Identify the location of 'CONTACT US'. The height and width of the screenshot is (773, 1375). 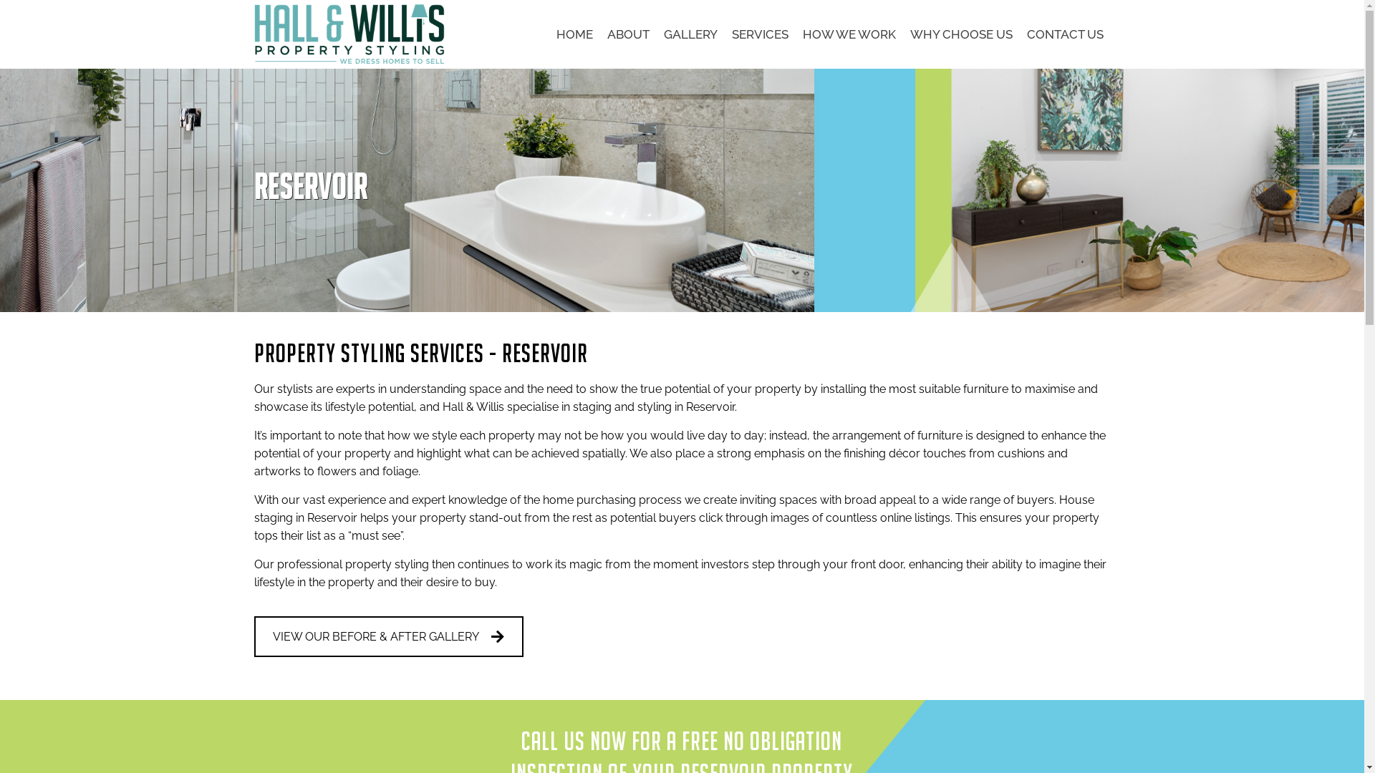
(1065, 33).